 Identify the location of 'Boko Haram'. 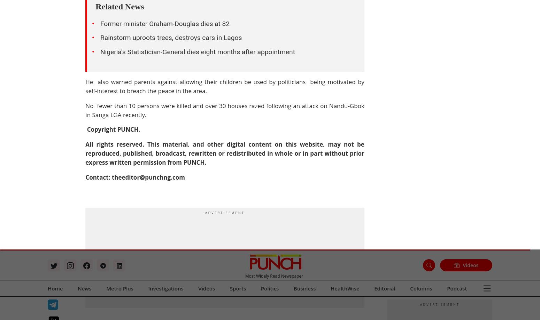
(167, 23).